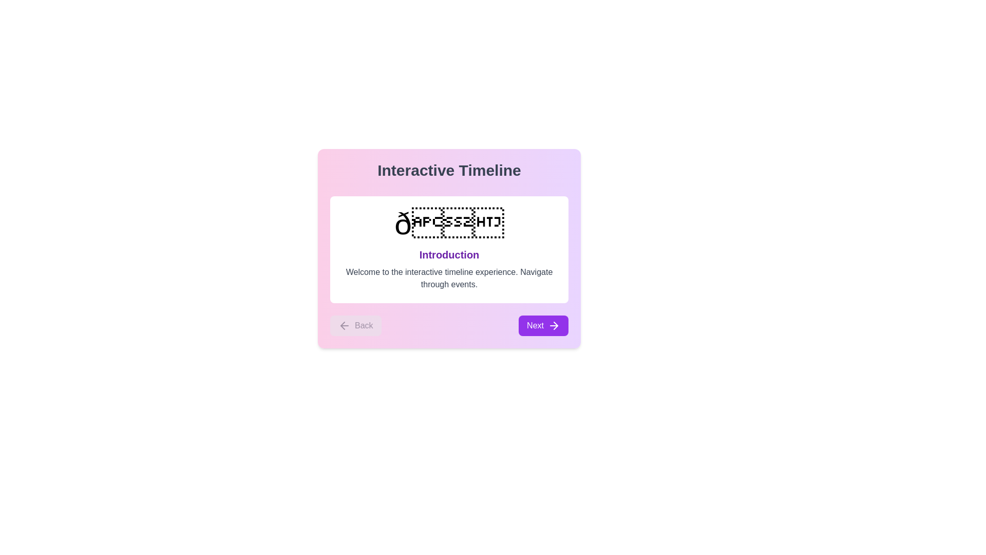  I want to click on the 'Back' icon which signifies the backward navigation function, located in the bottom-left corner of the card layout, so click(345, 325).